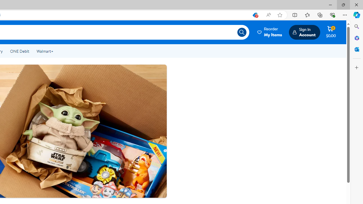 The width and height of the screenshot is (363, 204). I want to click on 'Search icon', so click(242, 32).